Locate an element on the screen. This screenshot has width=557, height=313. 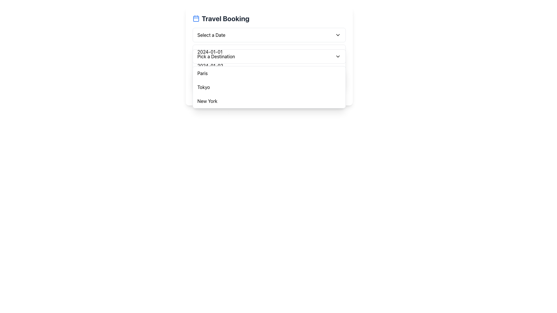
to select the 'New York' option from the dropdown menu, which is the third option in the list and features a hover effect that changes its background to gray is located at coordinates (269, 101).